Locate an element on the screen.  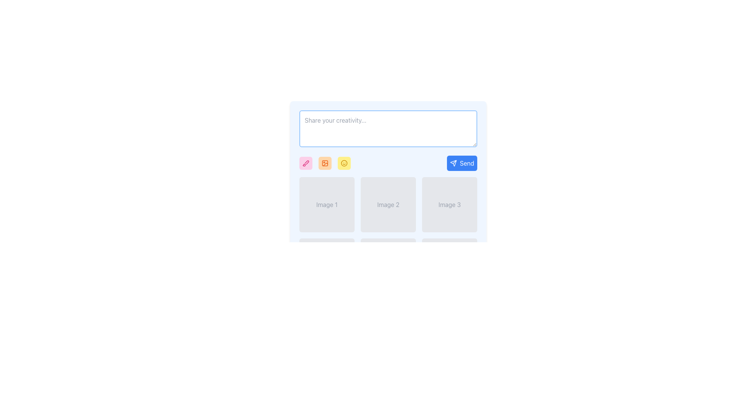
the first placeholder box for an image or content, which is labeled 'Image 1' and is located in the top-left of a 3x2 grid layout is located at coordinates (327, 204).